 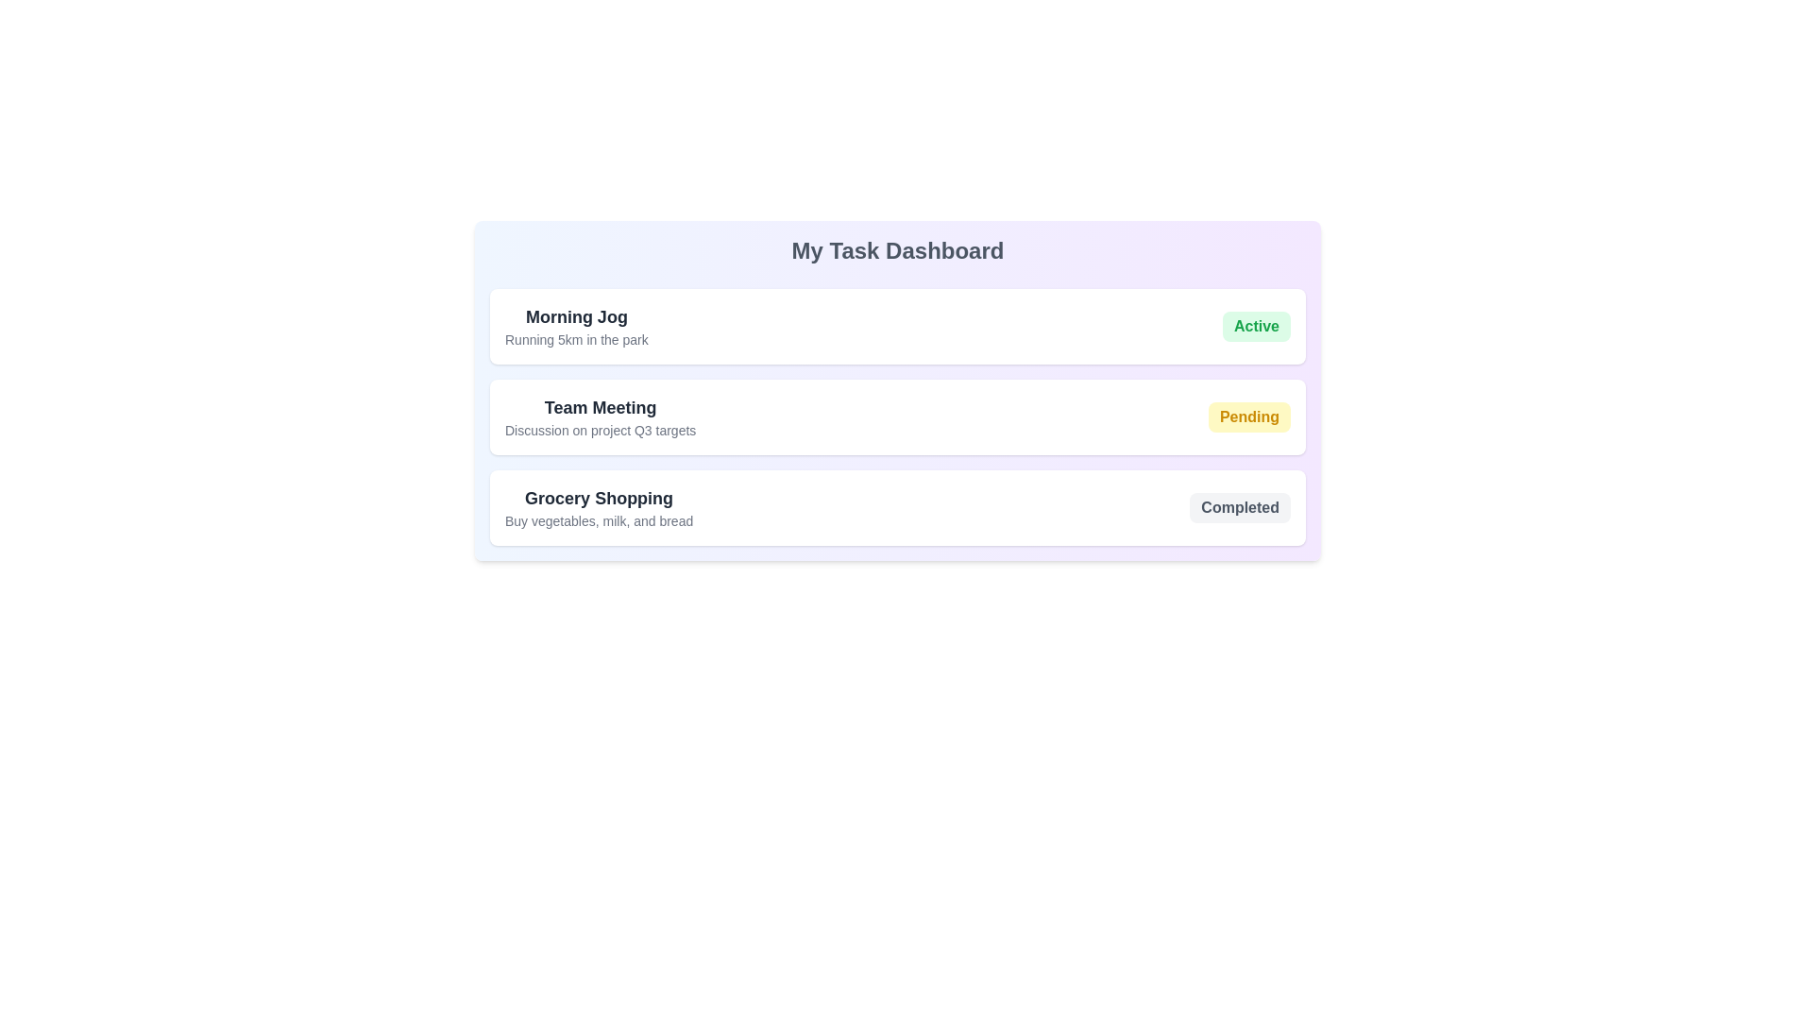 What do you see at coordinates (1249, 416) in the screenshot?
I see `the status indicator of the task labeled Team Meeting` at bounding box center [1249, 416].